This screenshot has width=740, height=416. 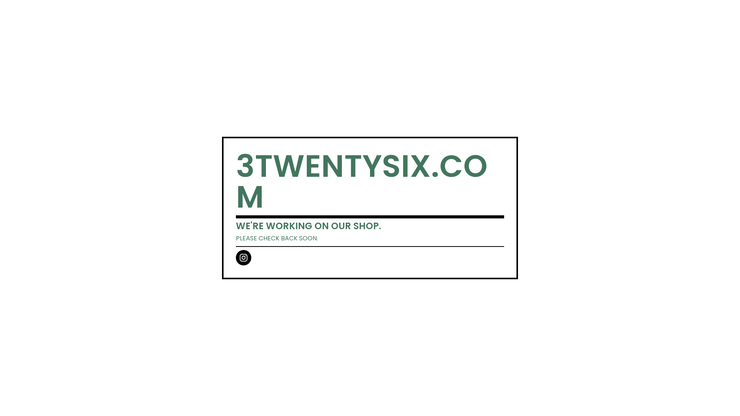 What do you see at coordinates (235, 257) in the screenshot?
I see `'Instagram'` at bounding box center [235, 257].